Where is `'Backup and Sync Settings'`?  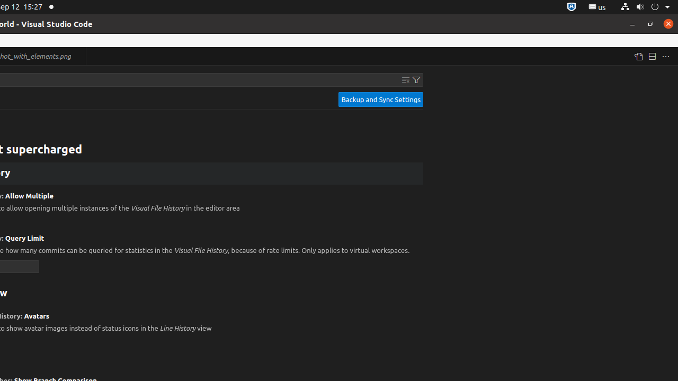
'Backup and Sync Settings' is located at coordinates (380, 99).